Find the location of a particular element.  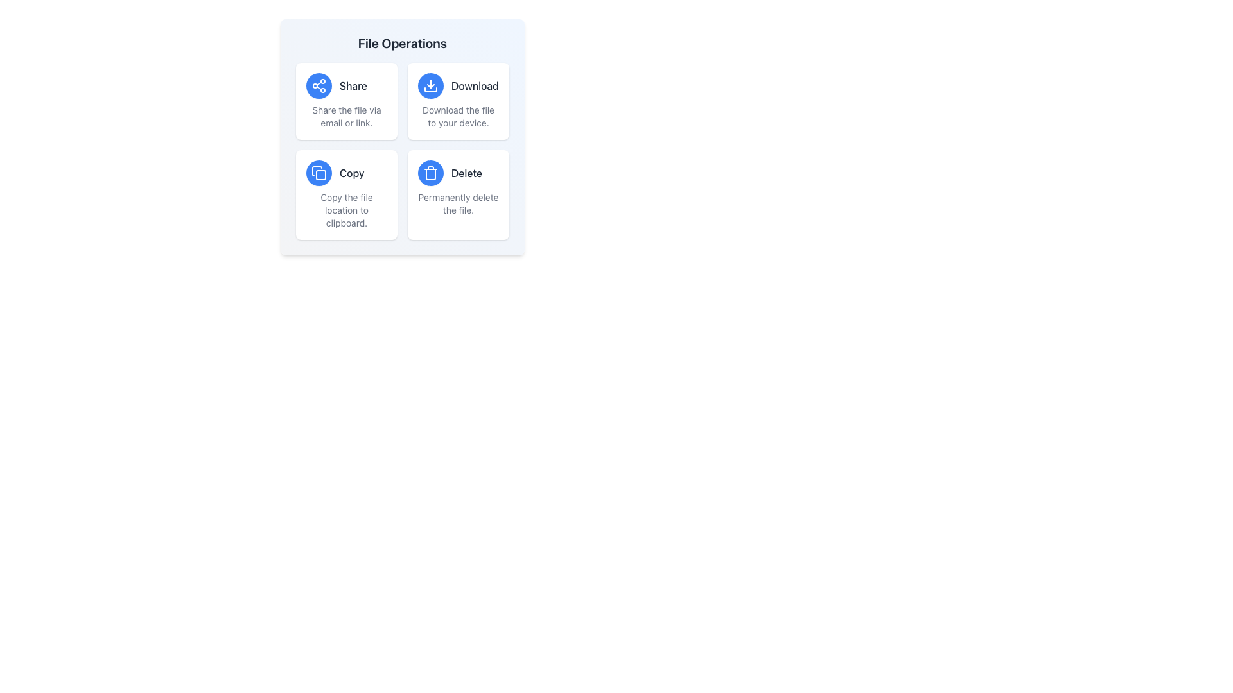

the download button located in the top-right card of the 'File Operations' section for accessibility interactions is located at coordinates (459, 86).